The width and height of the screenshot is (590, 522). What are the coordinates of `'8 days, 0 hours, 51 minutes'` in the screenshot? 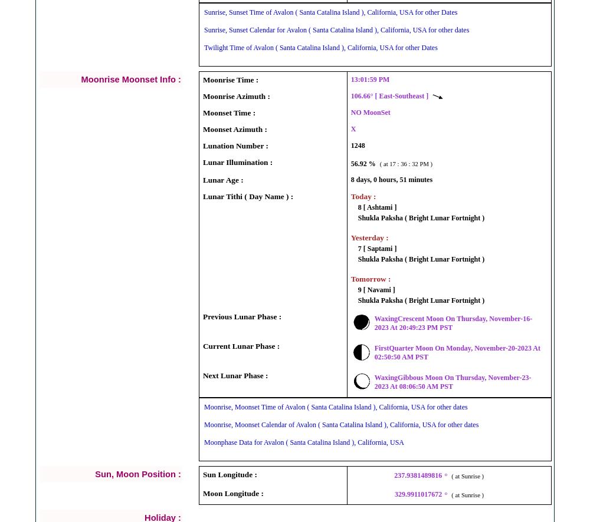 It's located at (391, 179).